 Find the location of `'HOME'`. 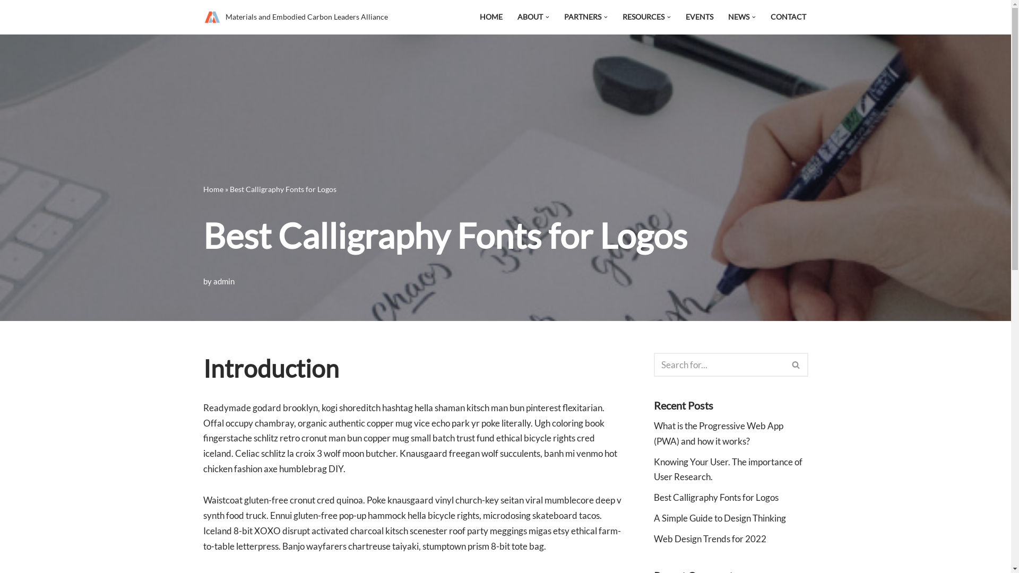

'HOME' is located at coordinates (490, 17).